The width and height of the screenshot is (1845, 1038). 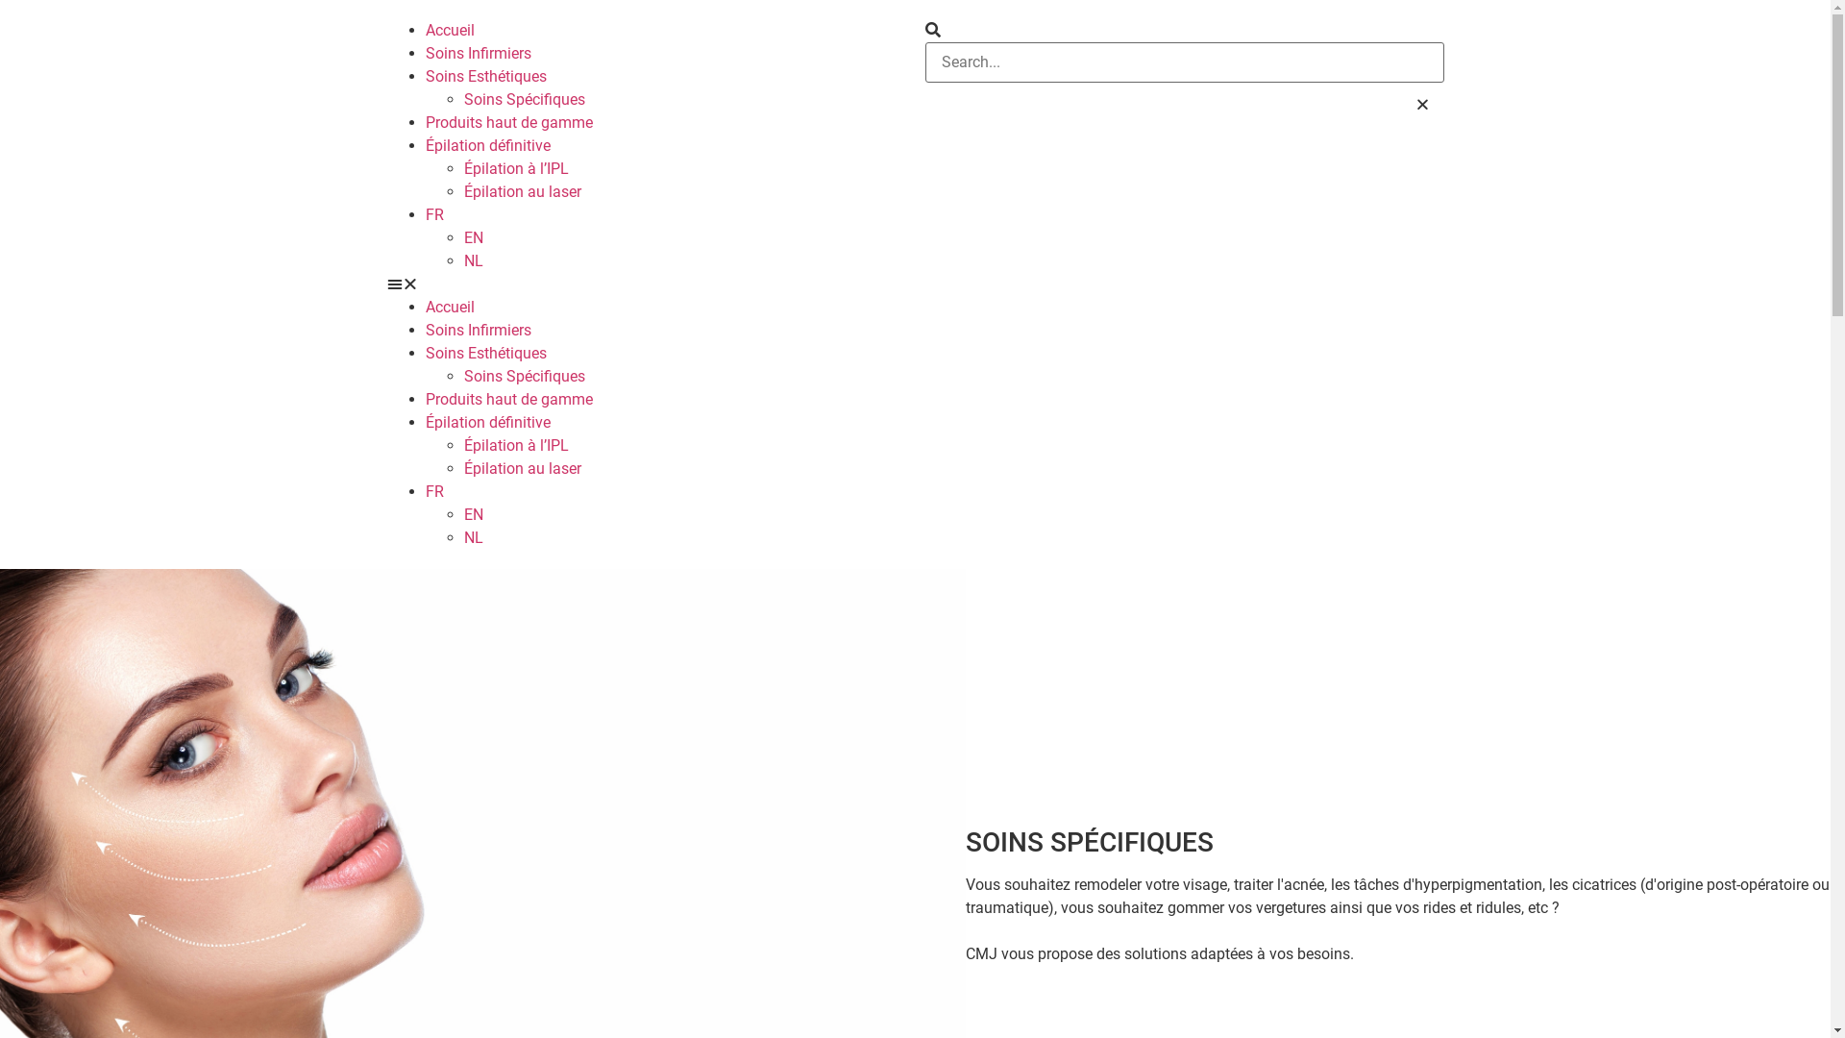 What do you see at coordinates (423, 490) in the screenshot?
I see `'FR'` at bounding box center [423, 490].